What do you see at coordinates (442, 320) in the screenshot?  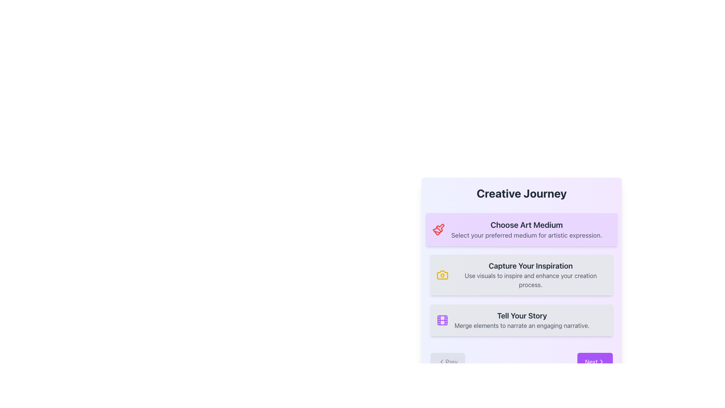 I see `the decorative purple square with rounded corners located centrally within the filmstrip icon beside the 'Tell Your Story' text in the 'Creative Journey' options` at bounding box center [442, 320].